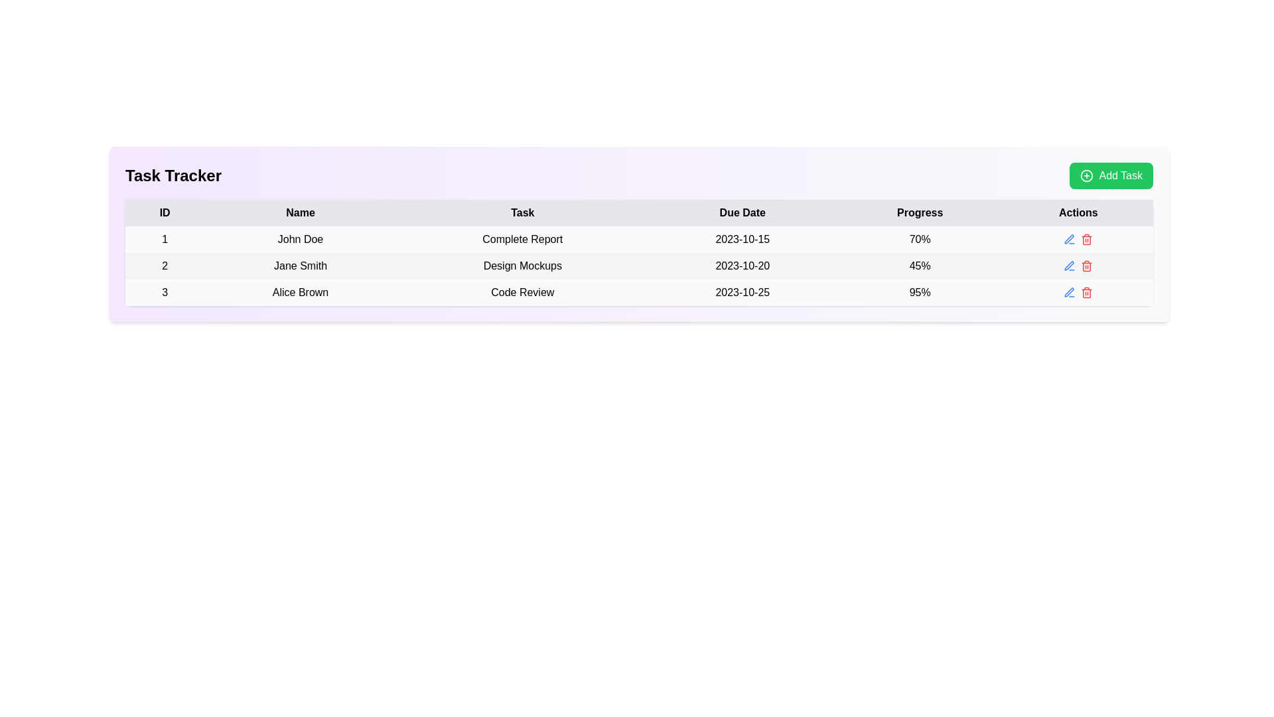 This screenshot has height=717, width=1274. I want to click on the text label displaying the identifier '3' in the first column of the third row of the table, so click(164, 291).